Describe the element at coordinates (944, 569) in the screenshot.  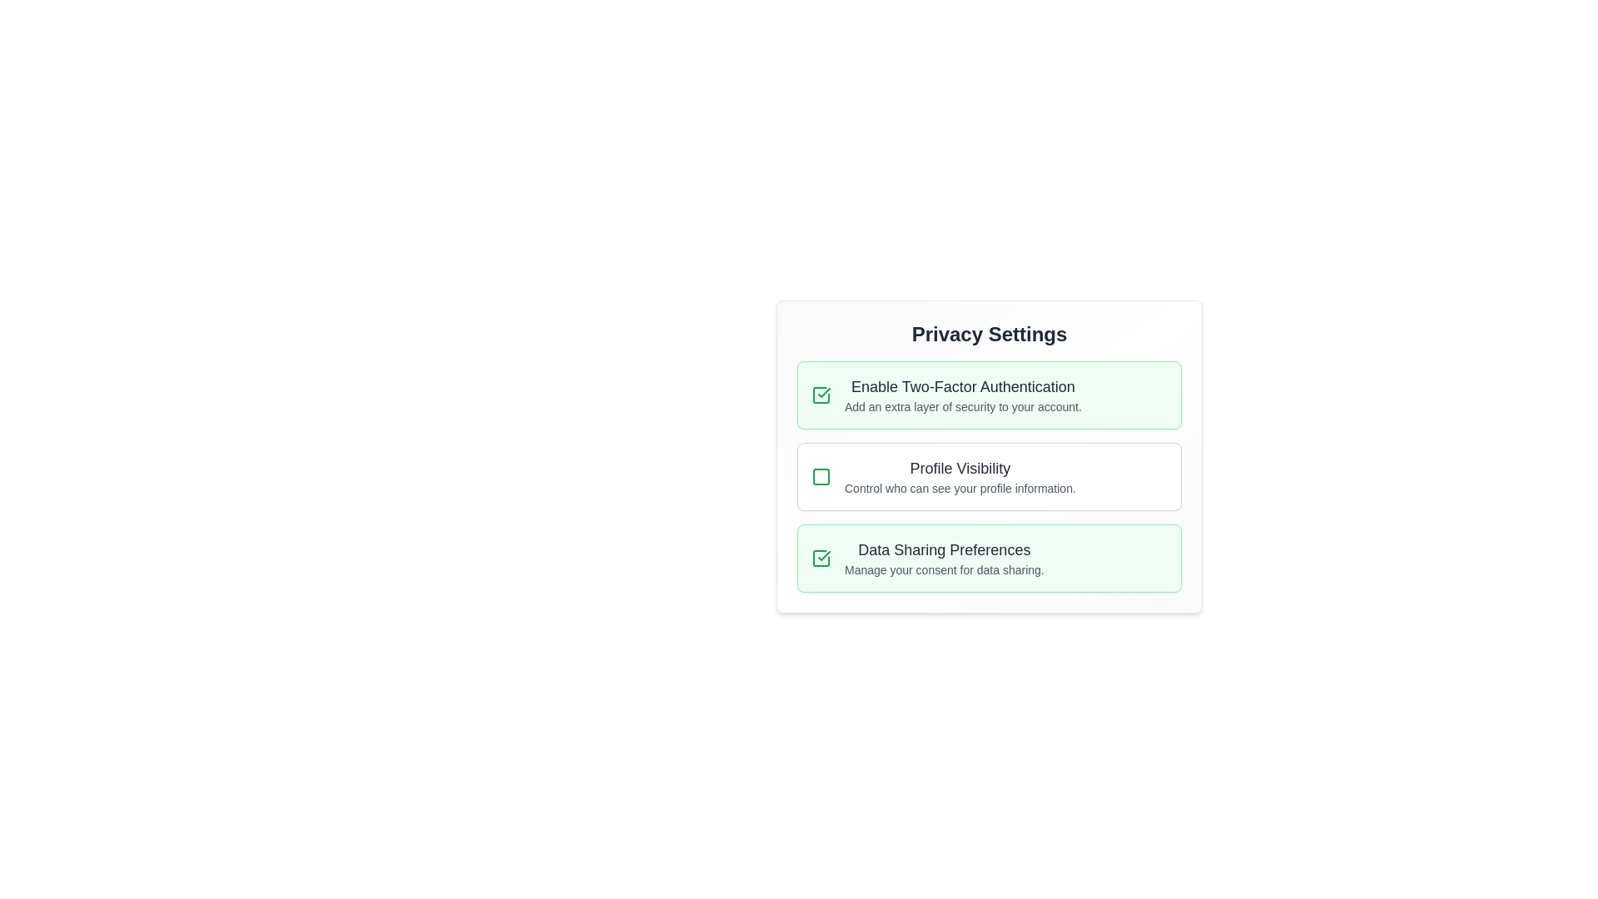
I see `the static text content providing guidance for the 'Data Sharing Preferences' section, located beneath its heading within the card` at that location.